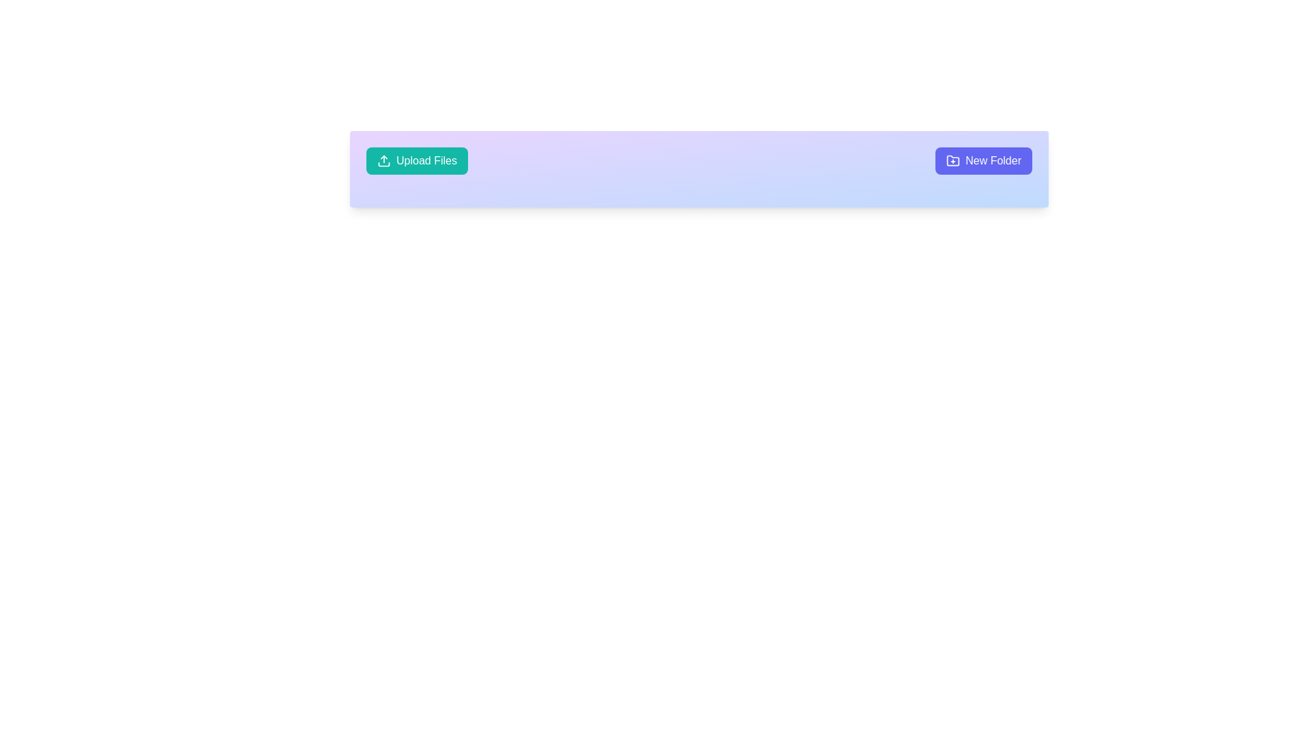 The height and width of the screenshot is (737, 1310). What do you see at coordinates (426, 160) in the screenshot?
I see `the Text label within the teal button that initiates the file upload process located in the top-left section of the interface` at bounding box center [426, 160].